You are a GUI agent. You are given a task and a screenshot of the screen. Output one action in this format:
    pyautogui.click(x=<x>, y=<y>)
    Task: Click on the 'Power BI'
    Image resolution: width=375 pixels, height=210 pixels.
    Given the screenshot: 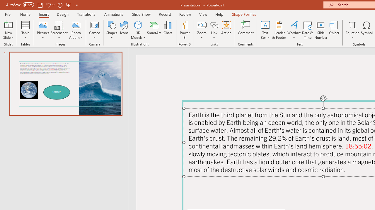 What is the action you would take?
    pyautogui.click(x=185, y=30)
    